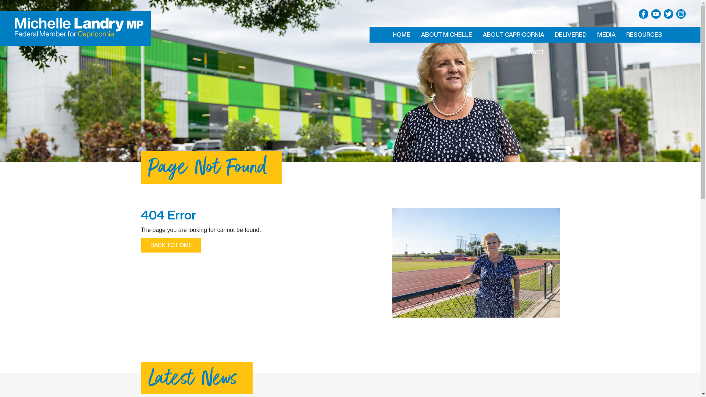 This screenshot has height=397, width=706. What do you see at coordinates (400, 35) in the screenshot?
I see `'HOME'` at bounding box center [400, 35].